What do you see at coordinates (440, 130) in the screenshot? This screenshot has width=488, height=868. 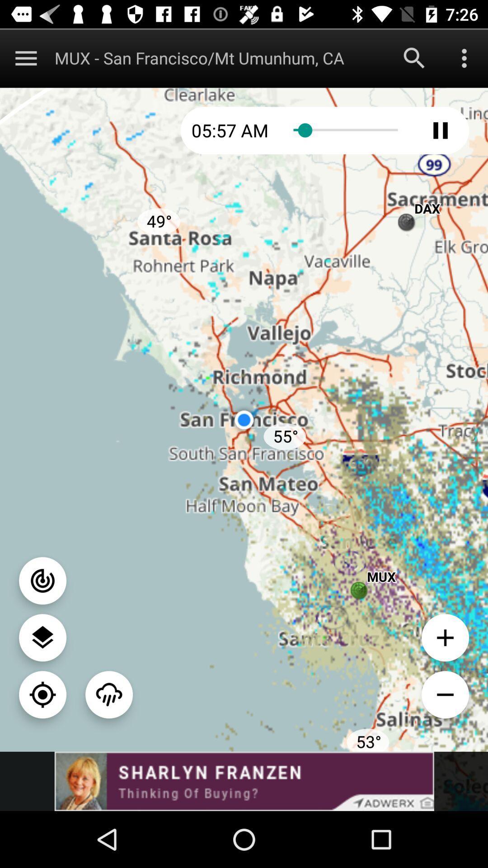 I see `pley button` at bounding box center [440, 130].